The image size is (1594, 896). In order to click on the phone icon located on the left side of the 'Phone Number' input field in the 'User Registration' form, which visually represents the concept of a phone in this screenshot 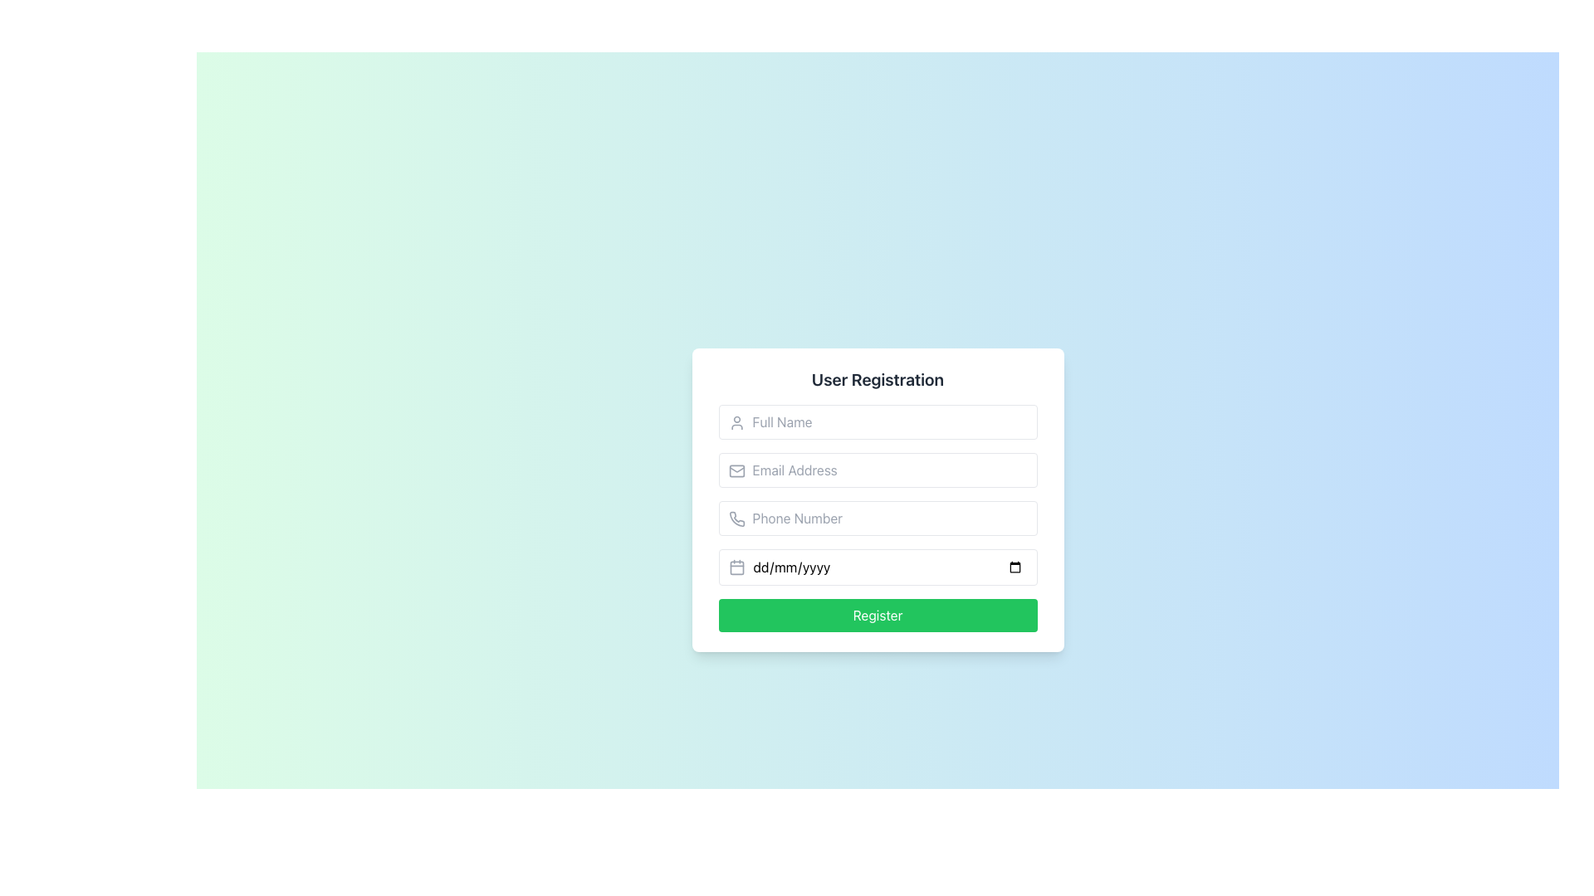, I will do `click(736, 518)`.